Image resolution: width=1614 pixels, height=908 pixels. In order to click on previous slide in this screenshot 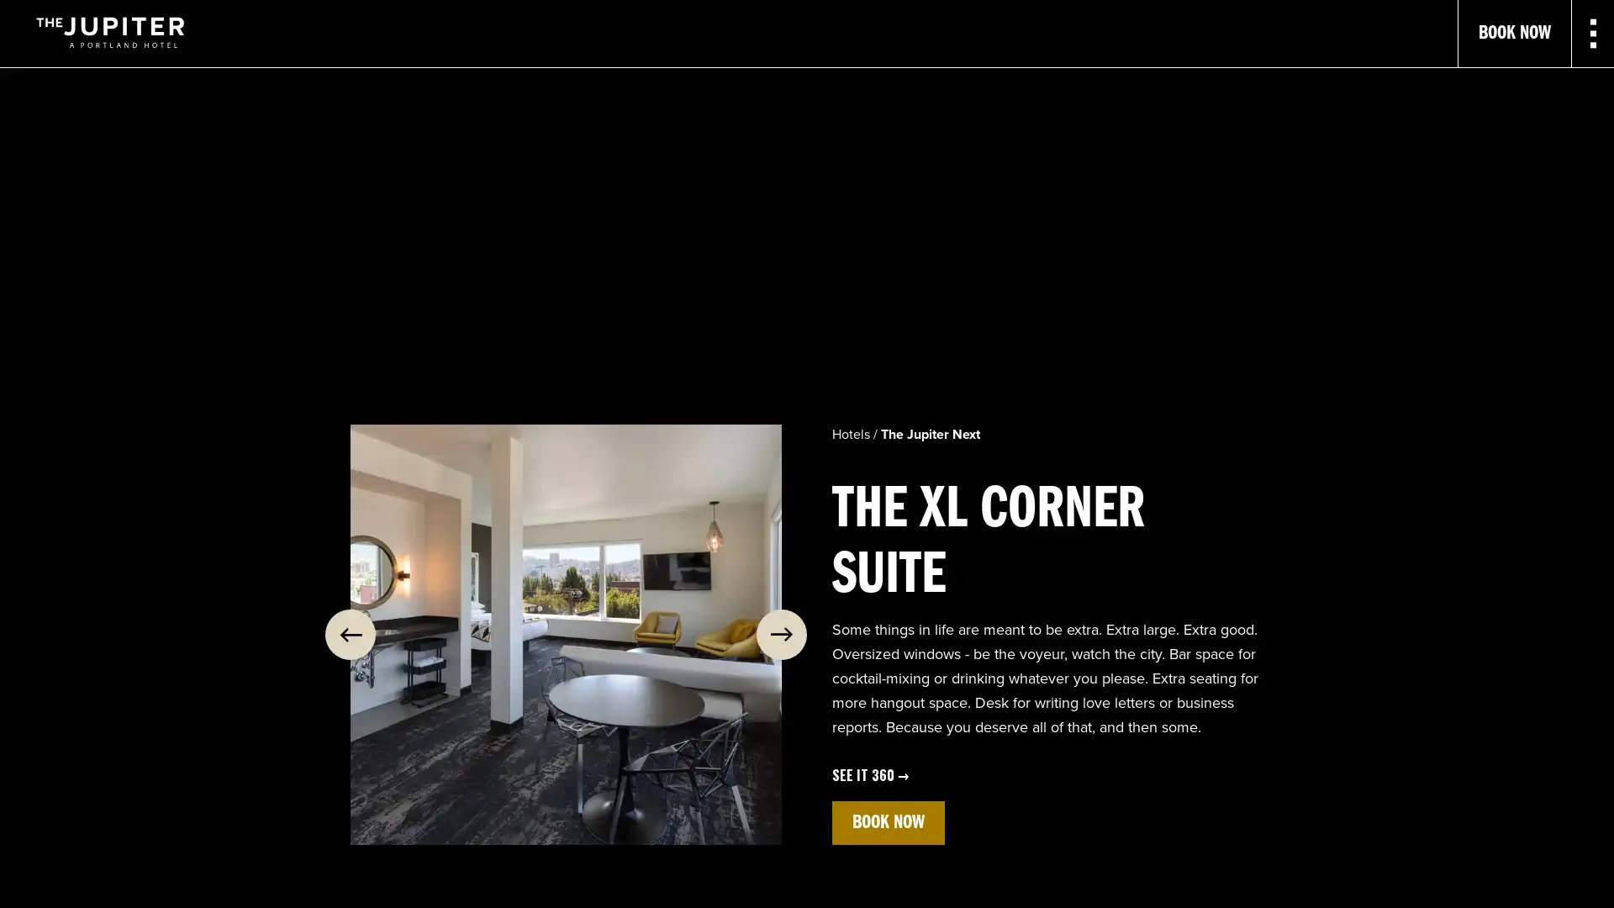, I will do `click(350, 635)`.